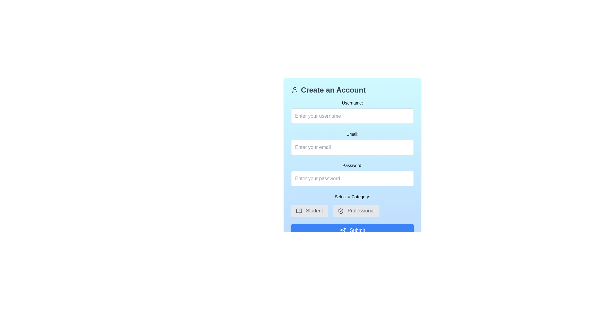 The width and height of the screenshot is (589, 331). What do you see at coordinates (340, 211) in the screenshot?
I see `the SVG icon associated with the 'Professional' option, which is positioned to the left of the button label and centrally aligned vertically with the text` at bounding box center [340, 211].